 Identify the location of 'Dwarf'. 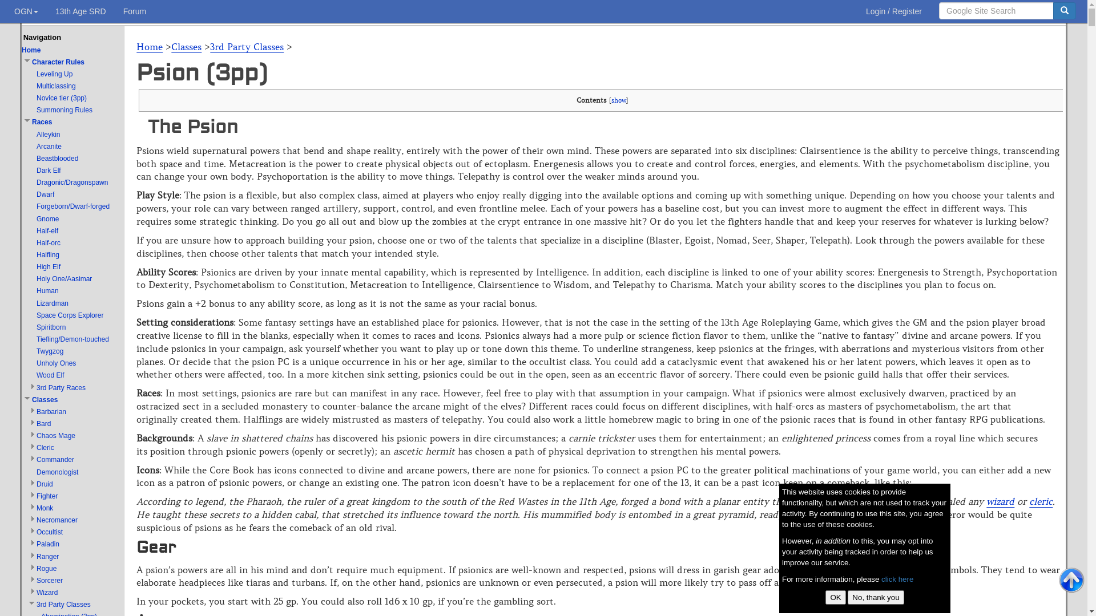
(45, 193).